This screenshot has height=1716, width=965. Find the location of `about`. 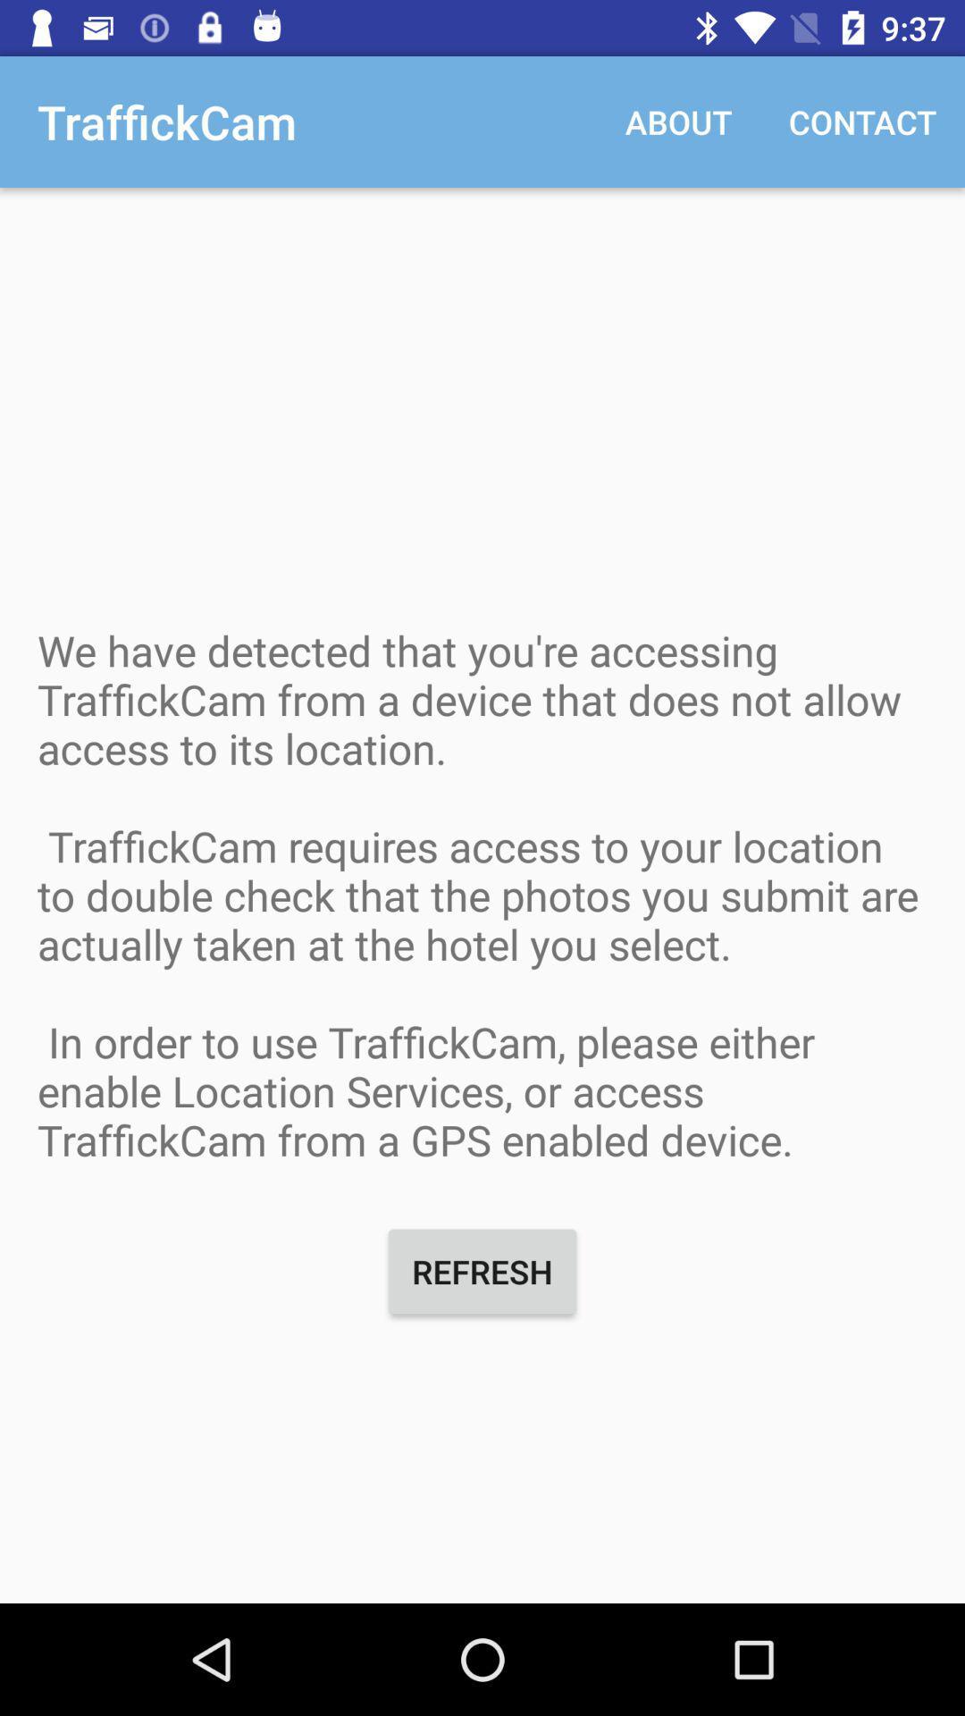

about is located at coordinates (678, 121).